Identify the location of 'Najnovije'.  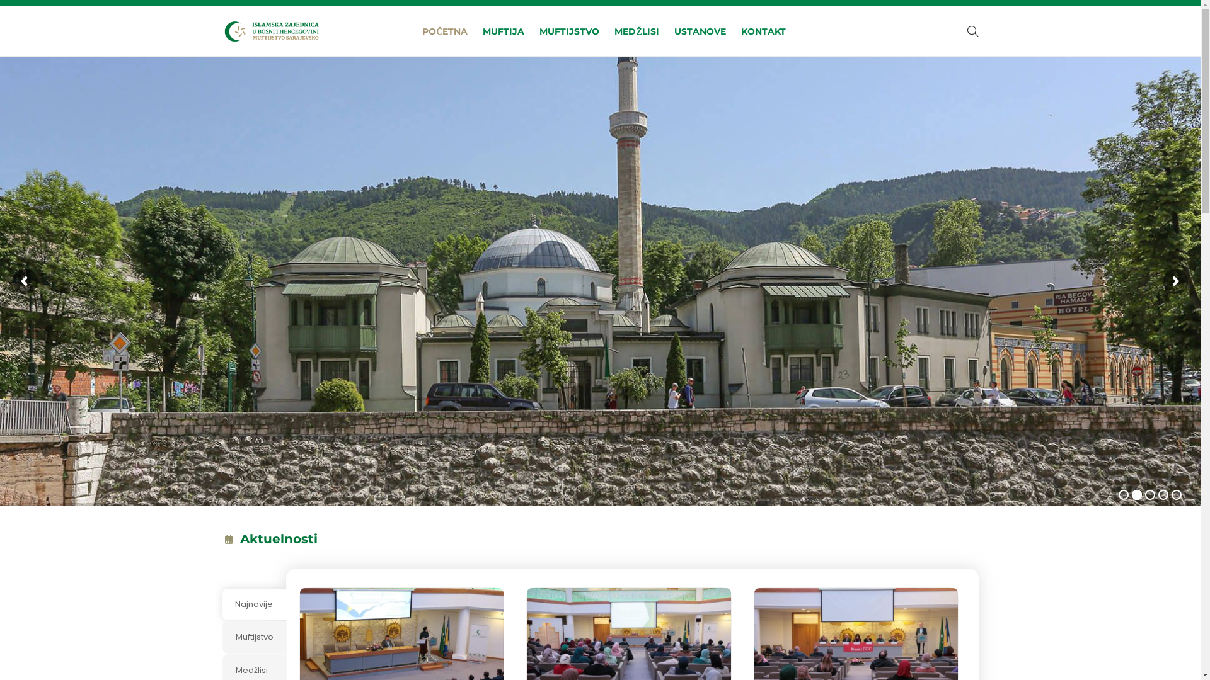
(253, 604).